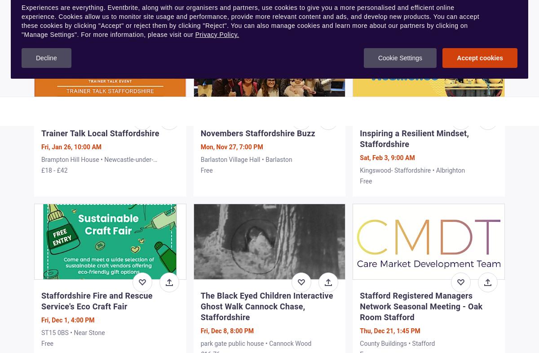 Image resolution: width=539 pixels, height=353 pixels. What do you see at coordinates (226, 330) in the screenshot?
I see `'Fri, Dec 8, 8:00 PM'` at bounding box center [226, 330].